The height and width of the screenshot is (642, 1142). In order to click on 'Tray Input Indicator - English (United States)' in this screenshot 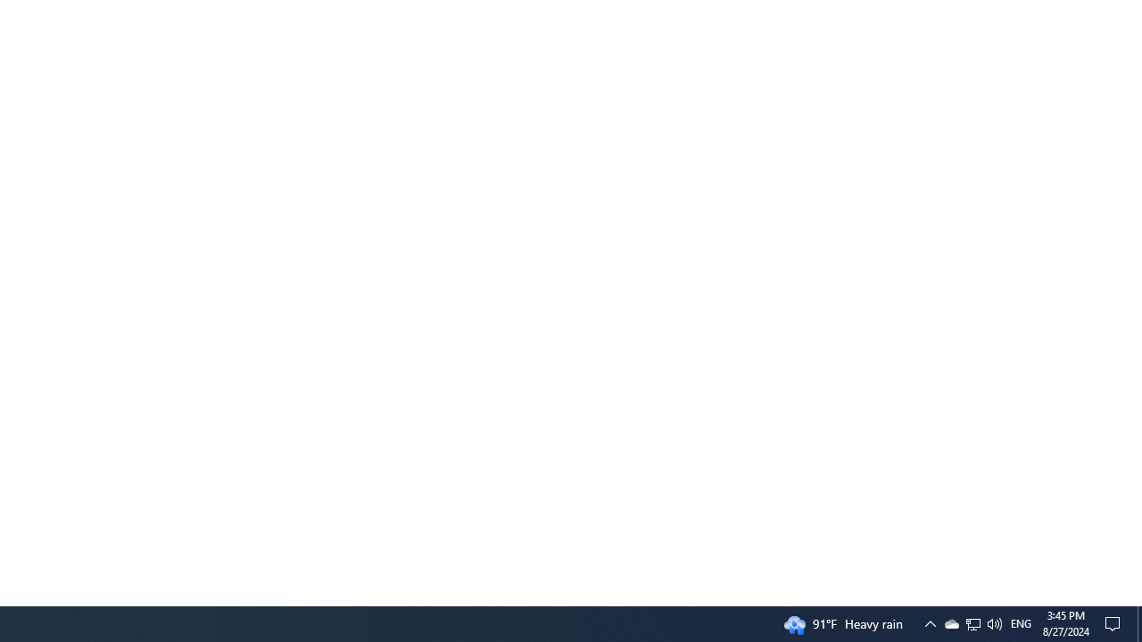, I will do `click(1021, 622)`.